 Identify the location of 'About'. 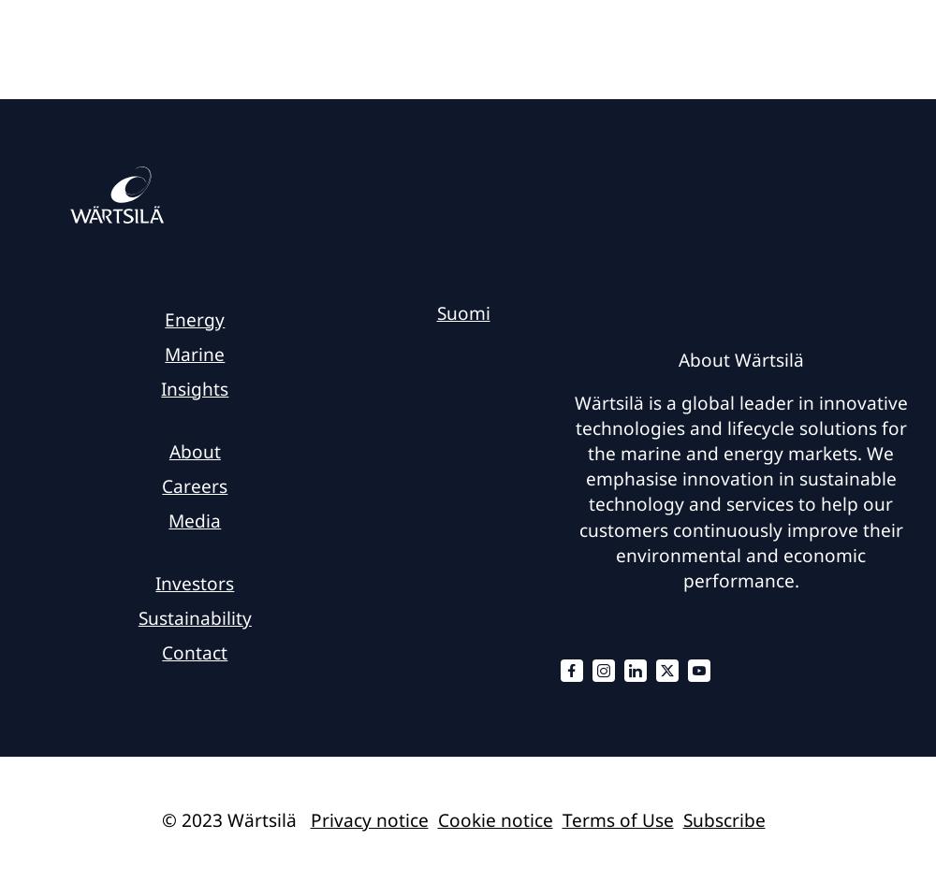
(193, 451).